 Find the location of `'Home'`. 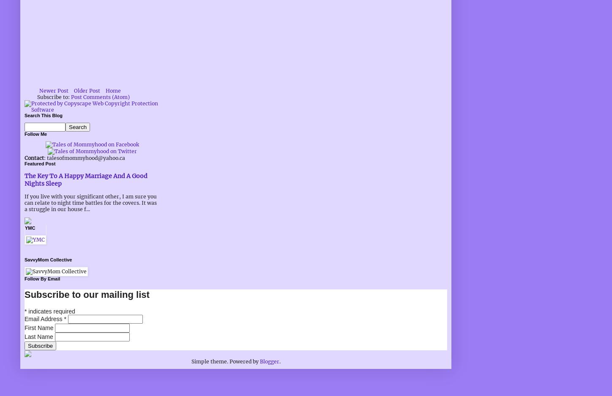

'Home' is located at coordinates (113, 91).